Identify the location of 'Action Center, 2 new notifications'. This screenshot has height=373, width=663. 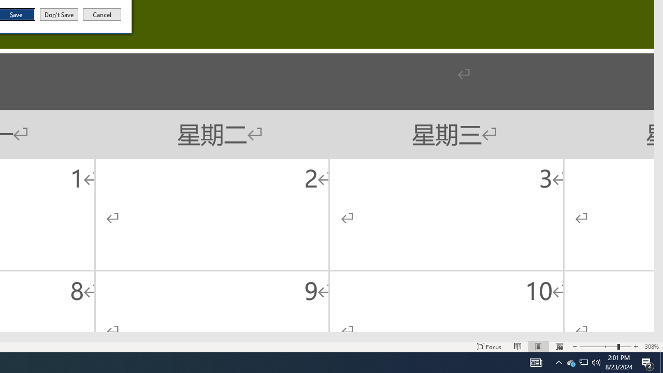
(661, 362).